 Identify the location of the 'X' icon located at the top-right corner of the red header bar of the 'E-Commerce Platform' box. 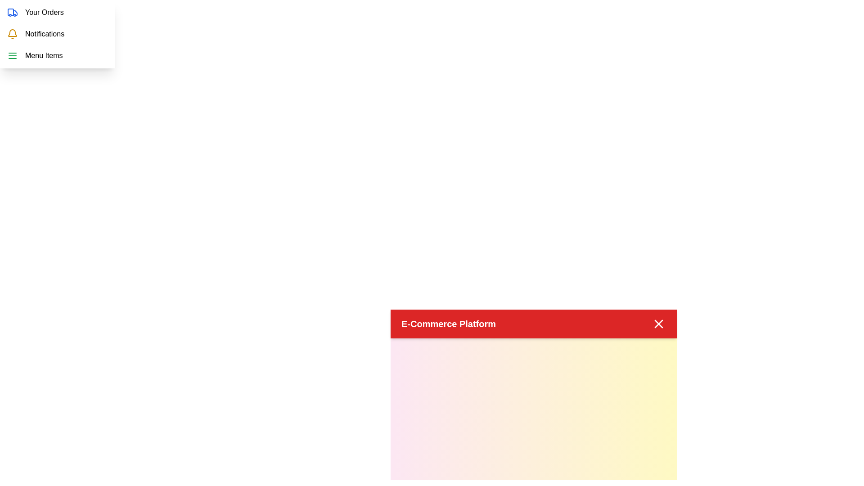
(659, 324).